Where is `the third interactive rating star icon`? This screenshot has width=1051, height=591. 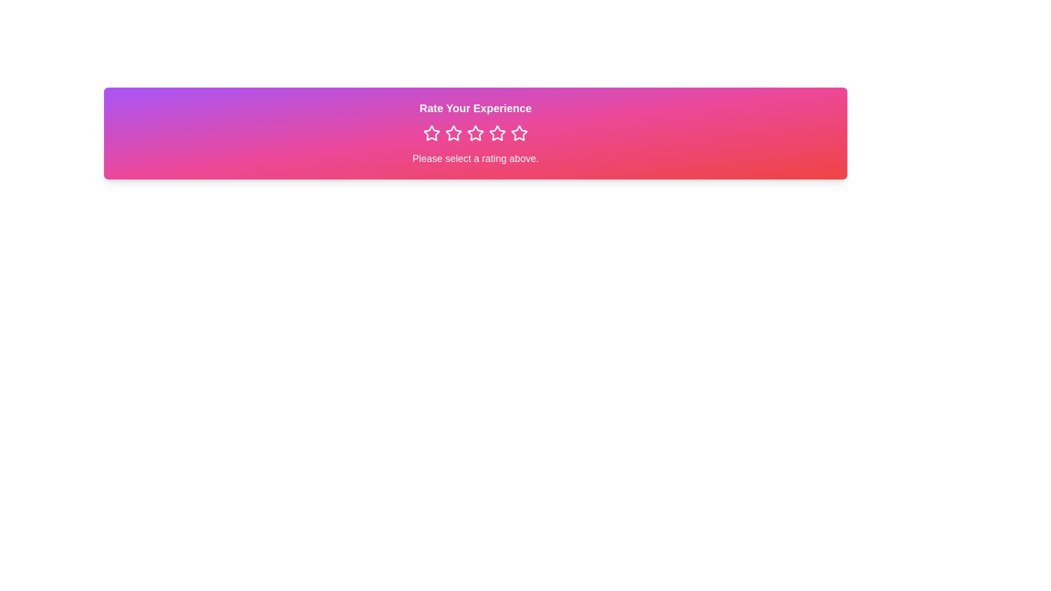 the third interactive rating star icon is located at coordinates (475, 132).